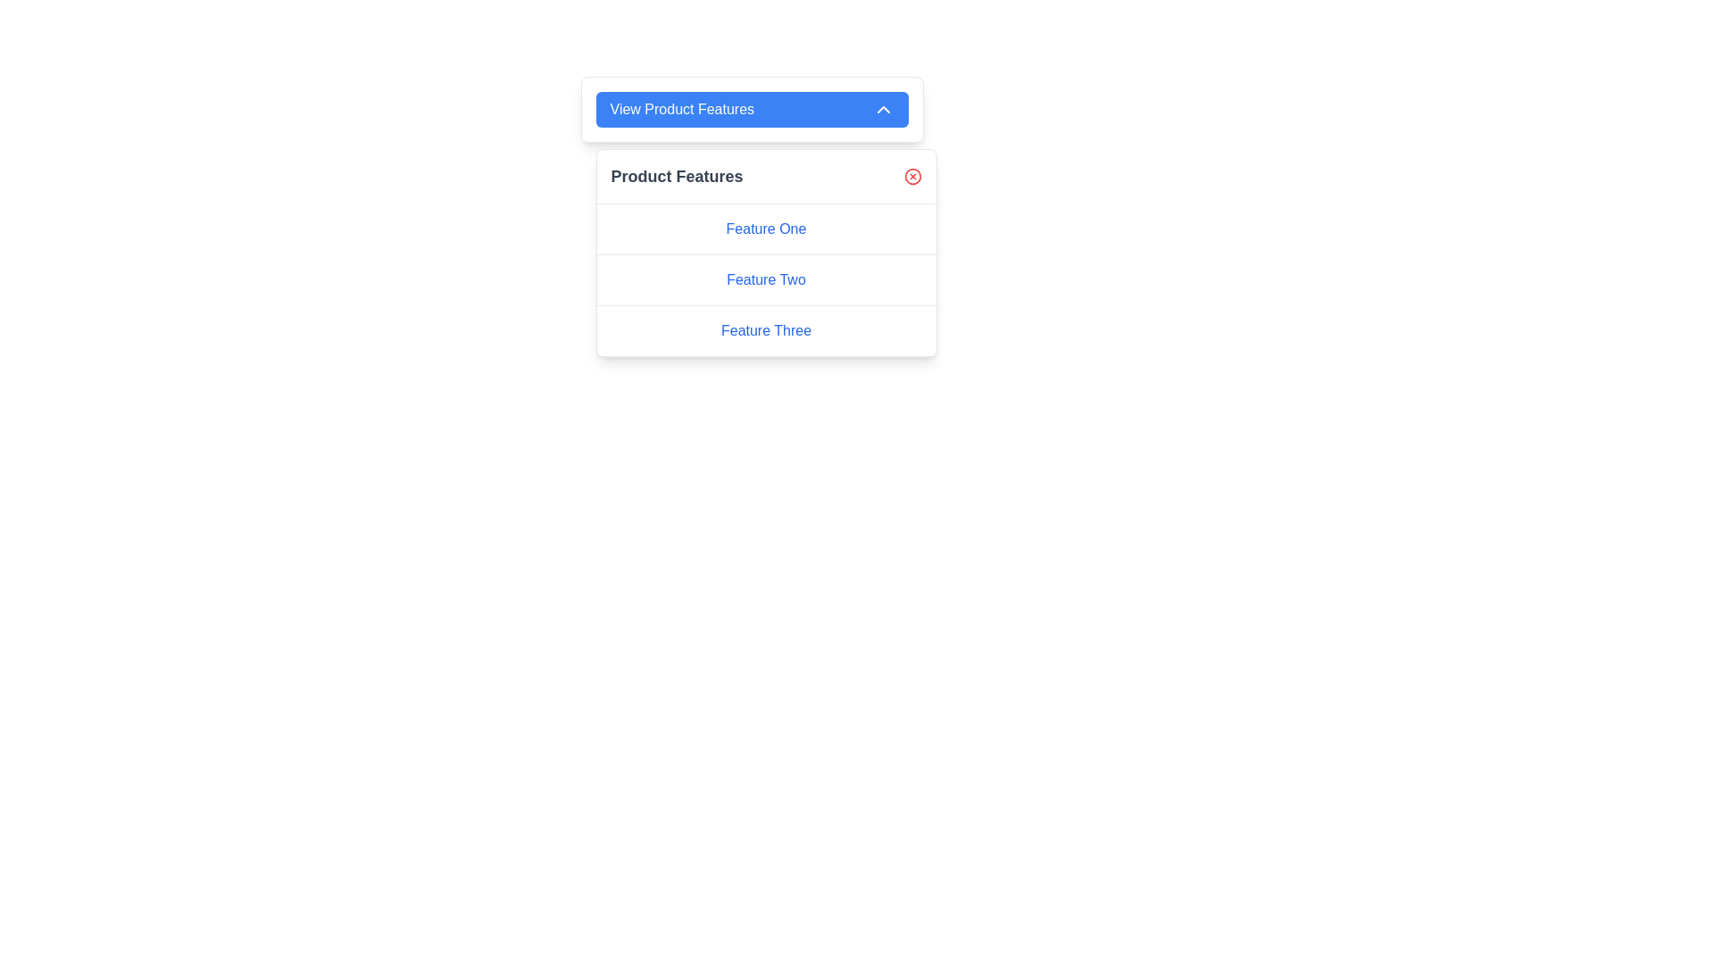 This screenshot has height=964, width=1714. I want to click on the text element labeled 'Feature Three', which is styled in blue and bold, positioned as the third item in a vertical list under 'Product Features', so click(766, 330).